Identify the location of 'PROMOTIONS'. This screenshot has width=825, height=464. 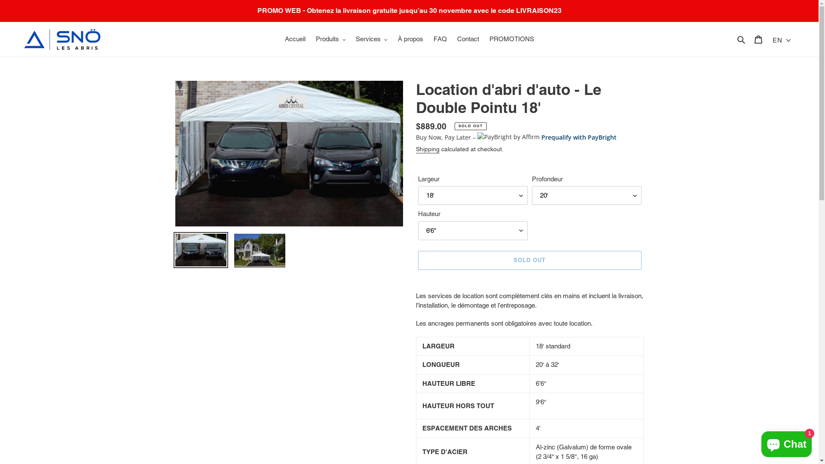
(485, 39).